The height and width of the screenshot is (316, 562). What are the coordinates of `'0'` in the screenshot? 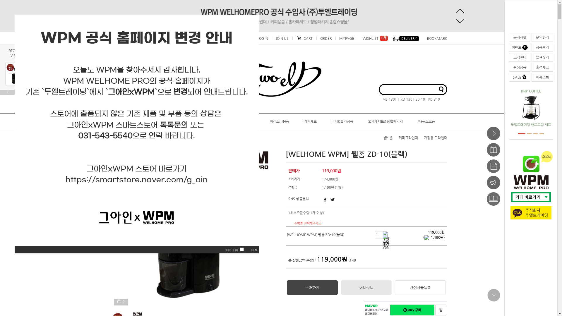 It's located at (122, 302).